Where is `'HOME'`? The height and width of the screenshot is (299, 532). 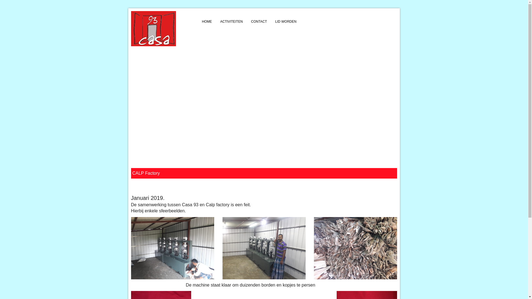 'HOME' is located at coordinates (207, 21).